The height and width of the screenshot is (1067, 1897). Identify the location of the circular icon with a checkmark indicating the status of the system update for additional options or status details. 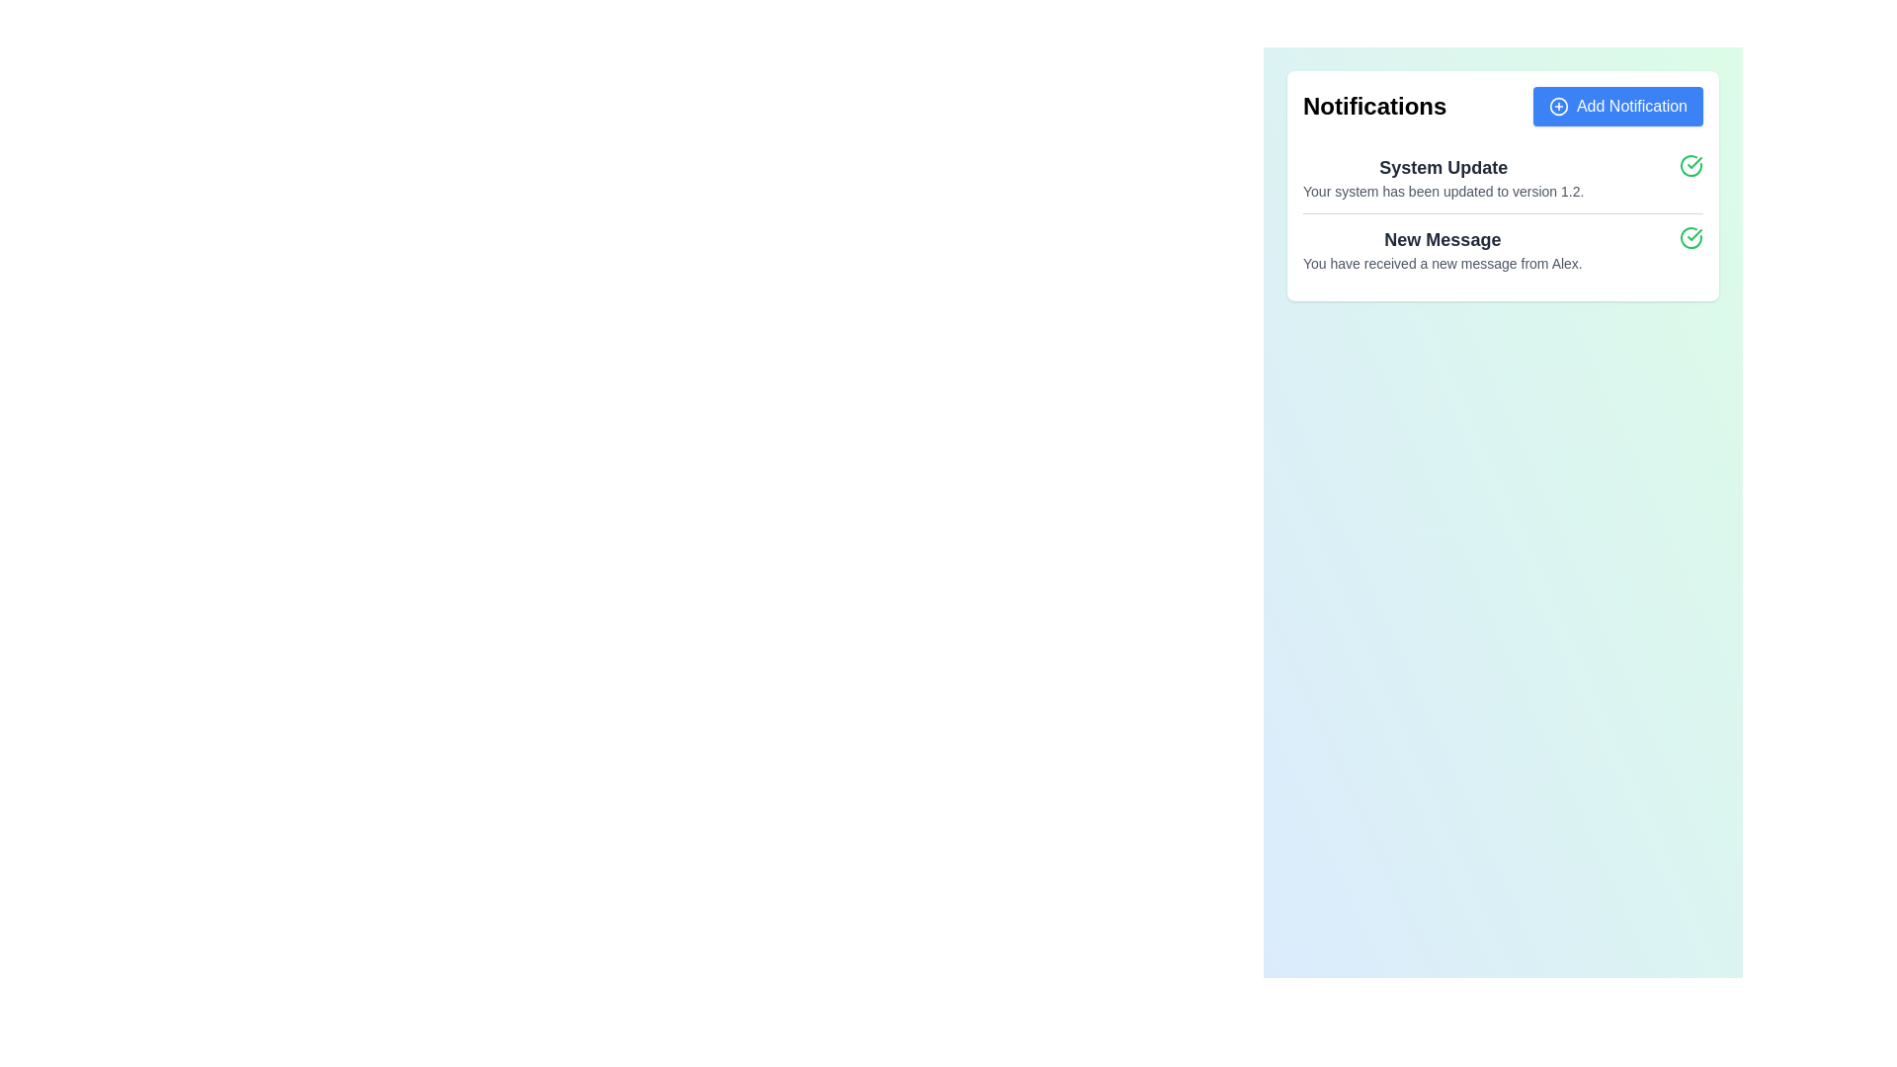
(1691, 165).